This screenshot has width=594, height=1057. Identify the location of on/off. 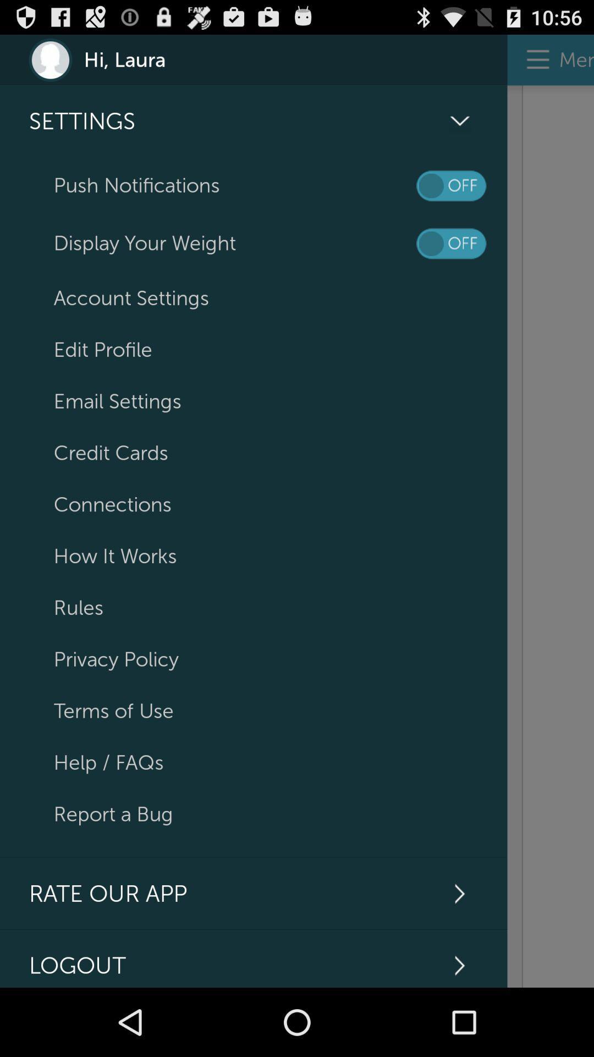
(451, 186).